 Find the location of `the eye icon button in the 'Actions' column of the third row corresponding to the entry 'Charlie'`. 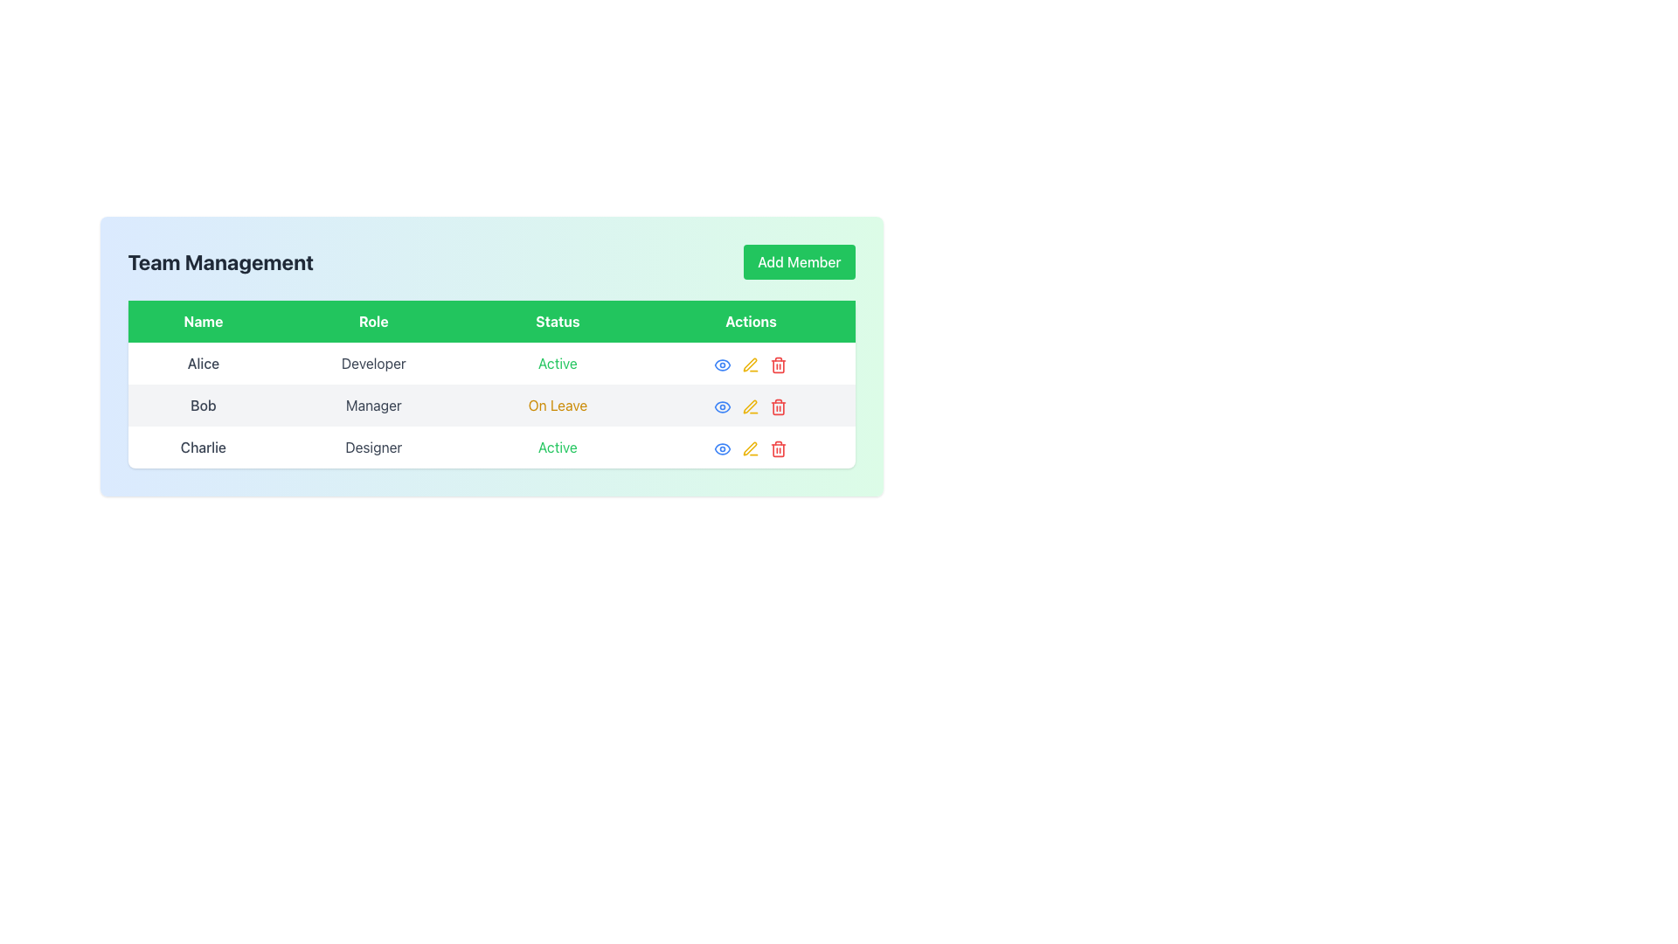

the eye icon button in the 'Actions' column of the third row corresponding to the entry 'Charlie' is located at coordinates (723, 447).